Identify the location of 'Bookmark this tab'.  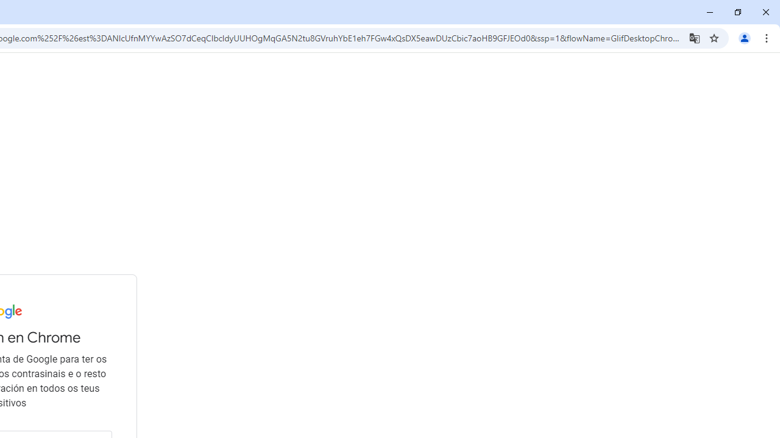
(714, 37).